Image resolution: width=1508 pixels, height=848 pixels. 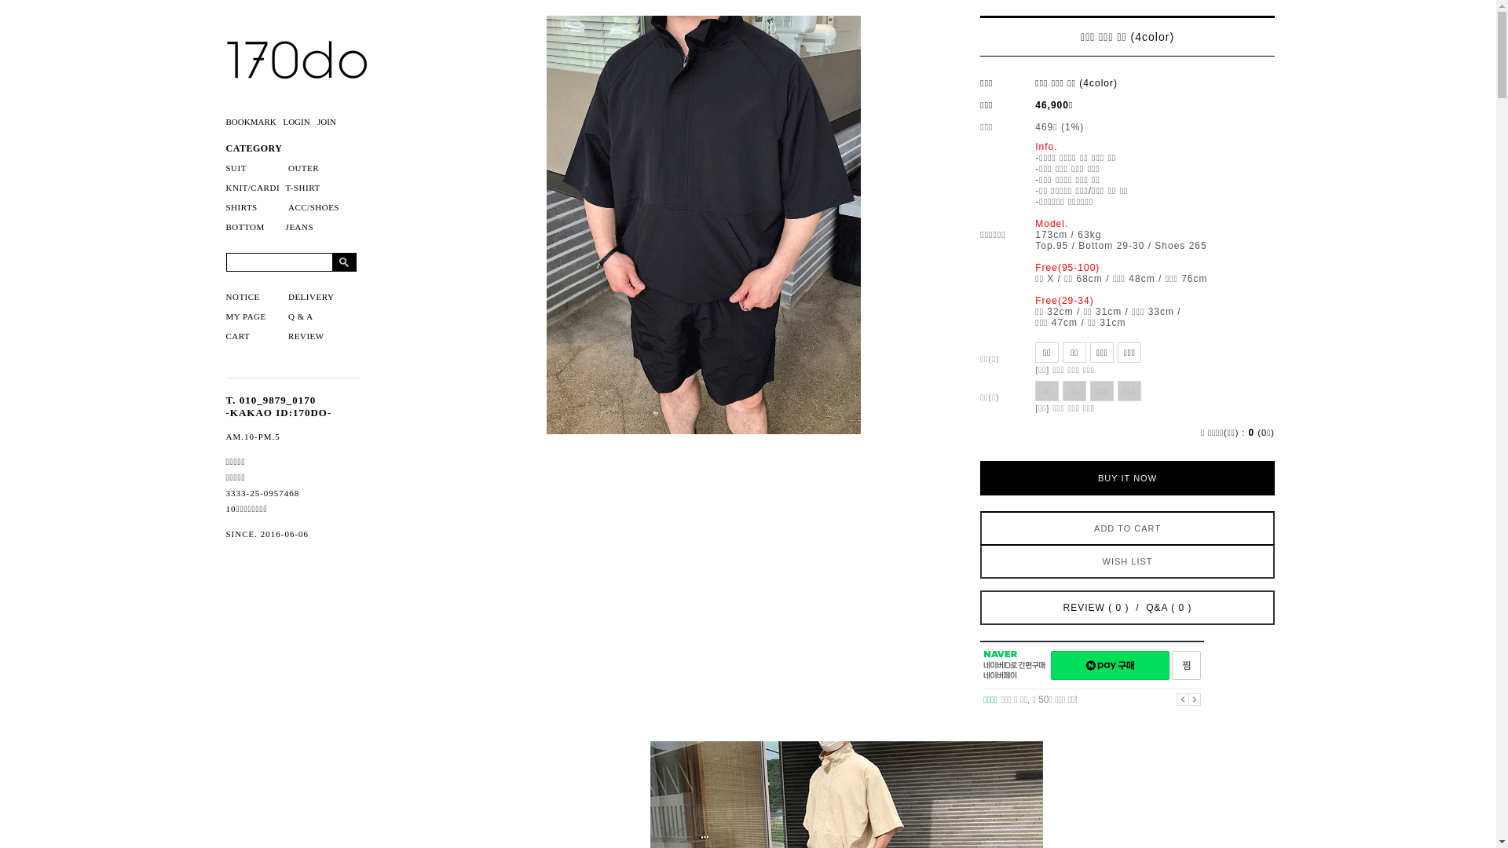 I want to click on 'ADD TO CART', so click(x=1126, y=527).